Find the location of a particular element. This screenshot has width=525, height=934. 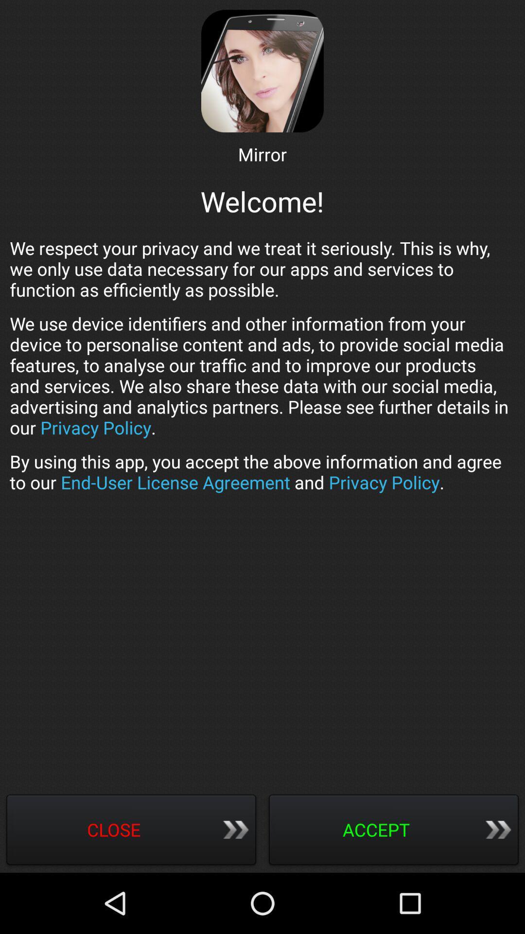

item next to the accept icon is located at coordinates (131, 830).